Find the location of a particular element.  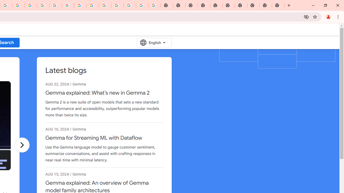

'Next slide' is located at coordinates (21, 145).